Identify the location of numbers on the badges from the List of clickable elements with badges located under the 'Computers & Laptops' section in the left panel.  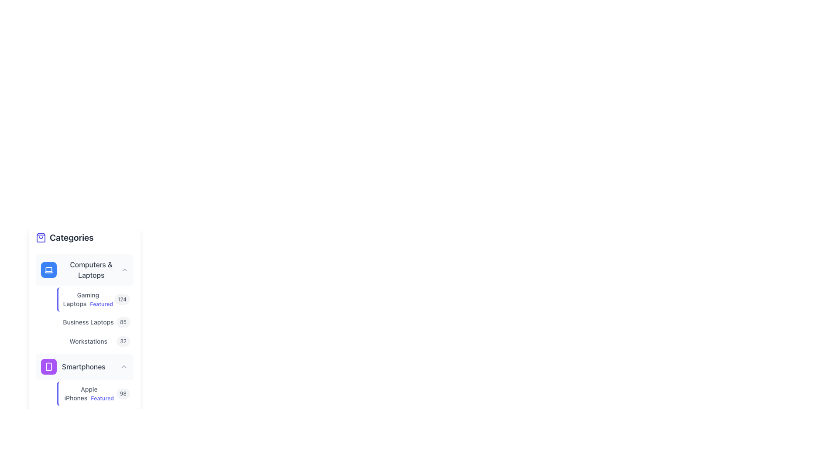
(95, 319).